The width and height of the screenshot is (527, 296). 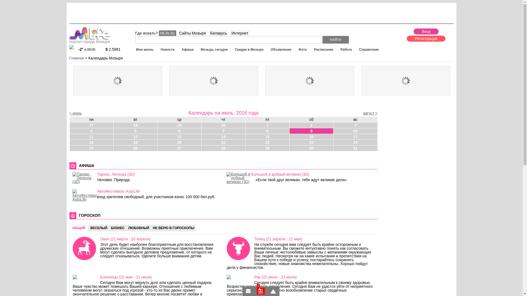 What do you see at coordinates (260, 291) in the screenshot?
I see `'1'` at bounding box center [260, 291].